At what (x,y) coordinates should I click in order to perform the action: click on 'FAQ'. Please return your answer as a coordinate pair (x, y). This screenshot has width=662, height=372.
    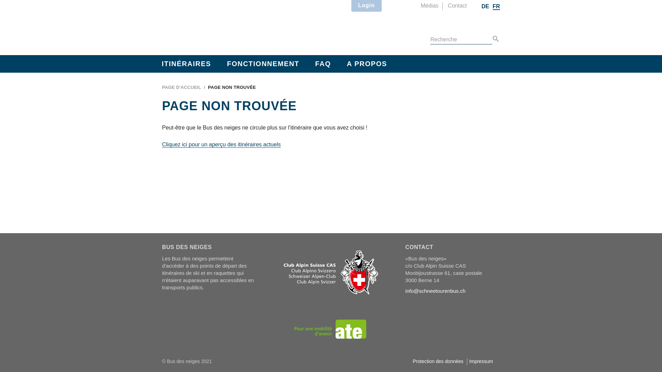
    Looking at the image, I should click on (322, 64).